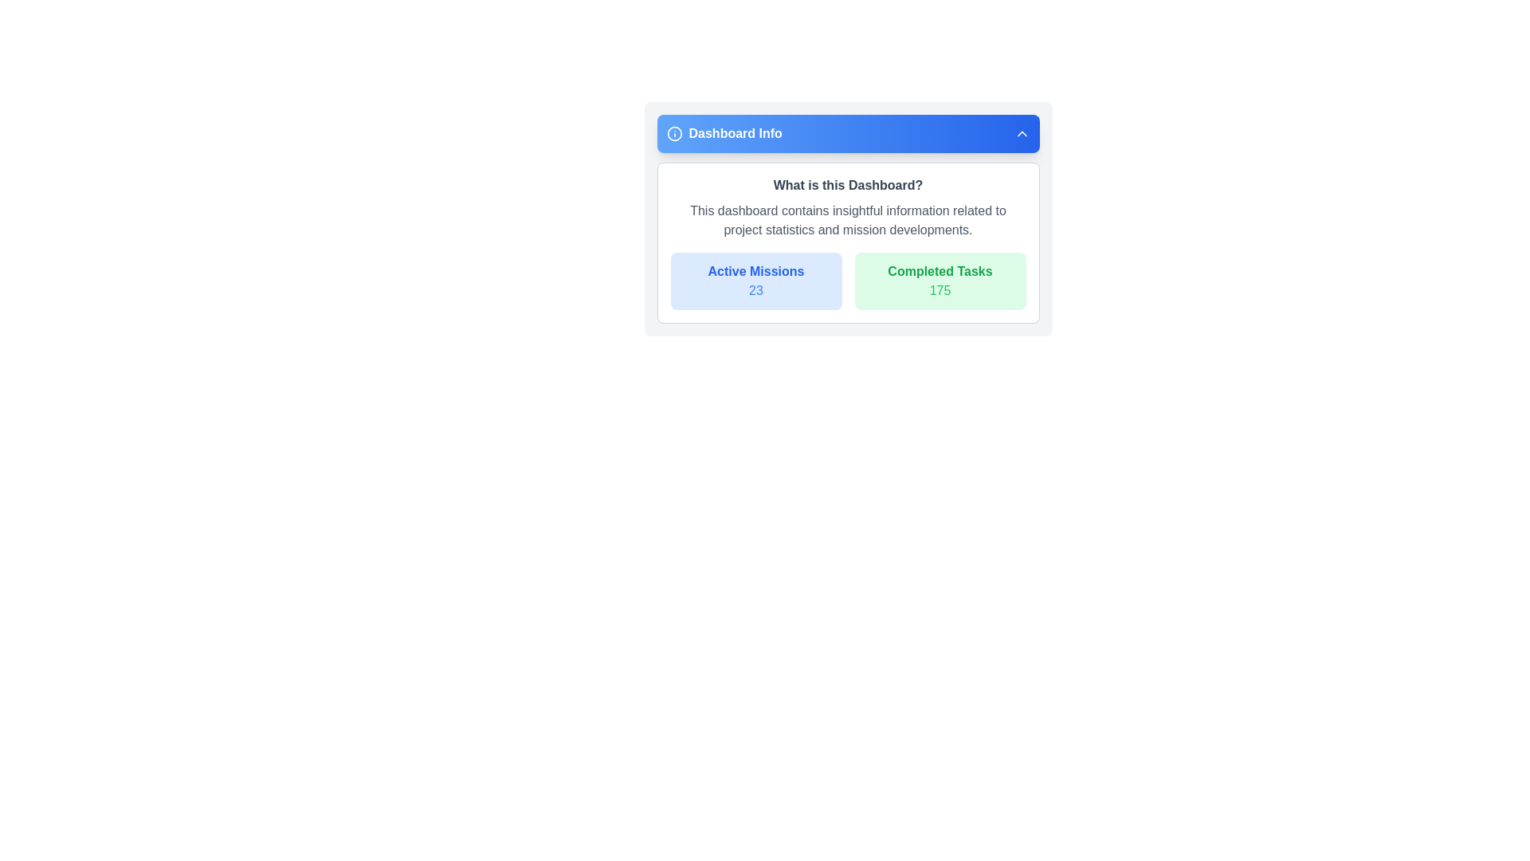  Describe the element at coordinates (755, 281) in the screenshot. I see `the Informational display panel with a blue background, displaying 'Active Missions' and the number '23', located in the left section of the grid below the 'What is this Dashboard?' heading` at that location.